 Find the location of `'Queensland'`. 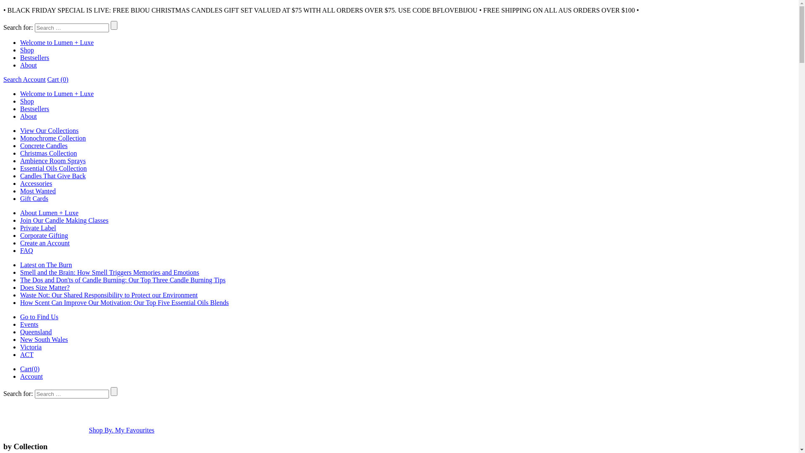

'Queensland' is located at coordinates (36, 331).